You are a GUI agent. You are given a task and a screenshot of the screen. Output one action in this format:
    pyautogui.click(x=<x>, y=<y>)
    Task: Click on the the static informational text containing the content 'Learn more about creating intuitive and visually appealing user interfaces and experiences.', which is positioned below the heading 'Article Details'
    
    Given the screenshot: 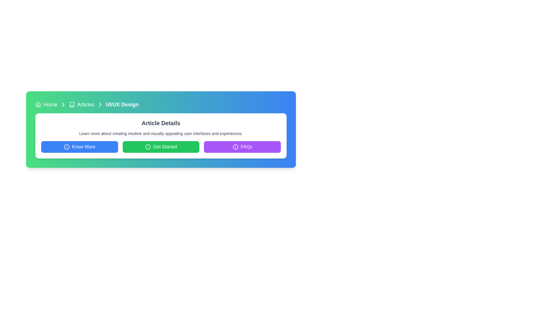 What is the action you would take?
    pyautogui.click(x=161, y=134)
    